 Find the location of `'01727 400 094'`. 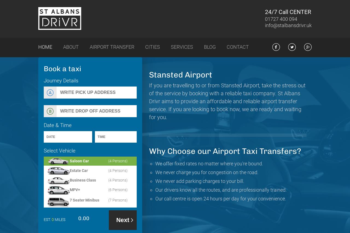

'01727 400 094' is located at coordinates (265, 19).